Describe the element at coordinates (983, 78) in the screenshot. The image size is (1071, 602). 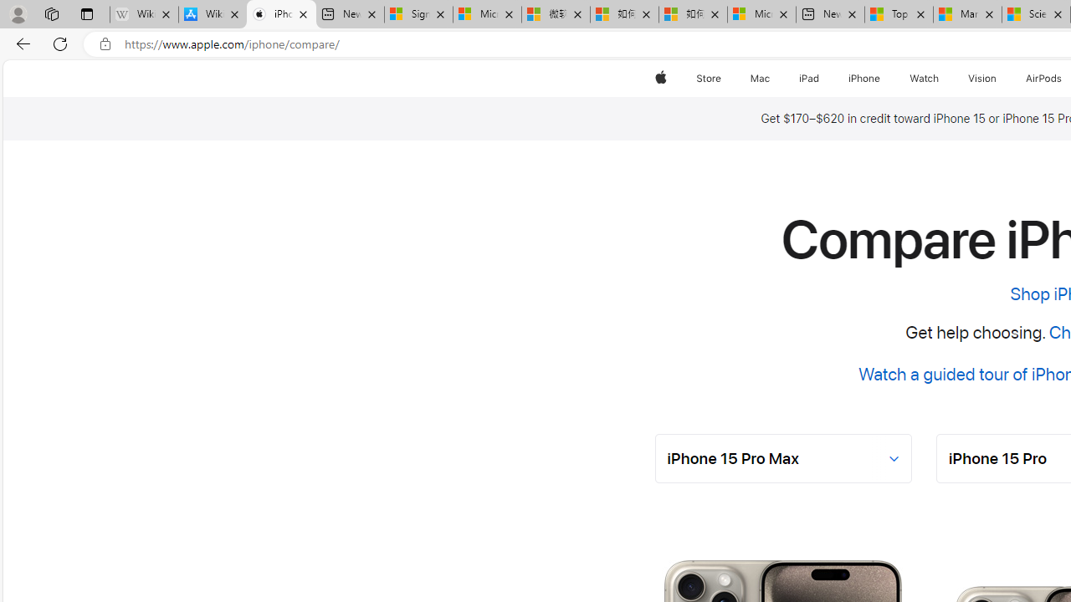
I see `'Vision'` at that location.